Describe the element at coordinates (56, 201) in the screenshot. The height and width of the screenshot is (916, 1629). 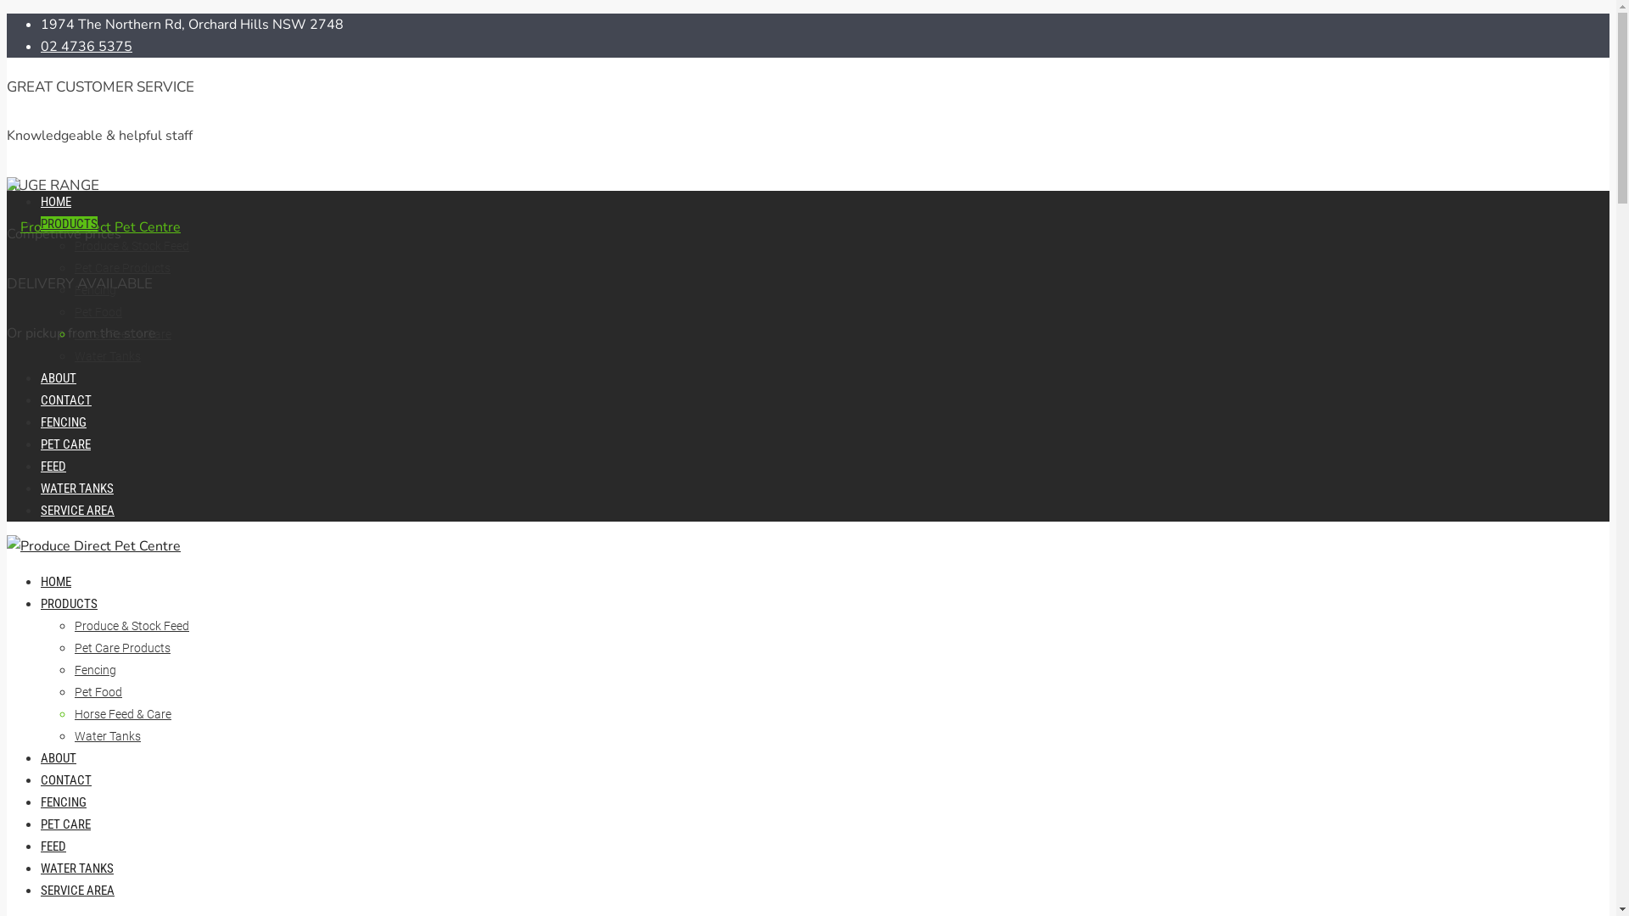
I see `'HOME'` at that location.